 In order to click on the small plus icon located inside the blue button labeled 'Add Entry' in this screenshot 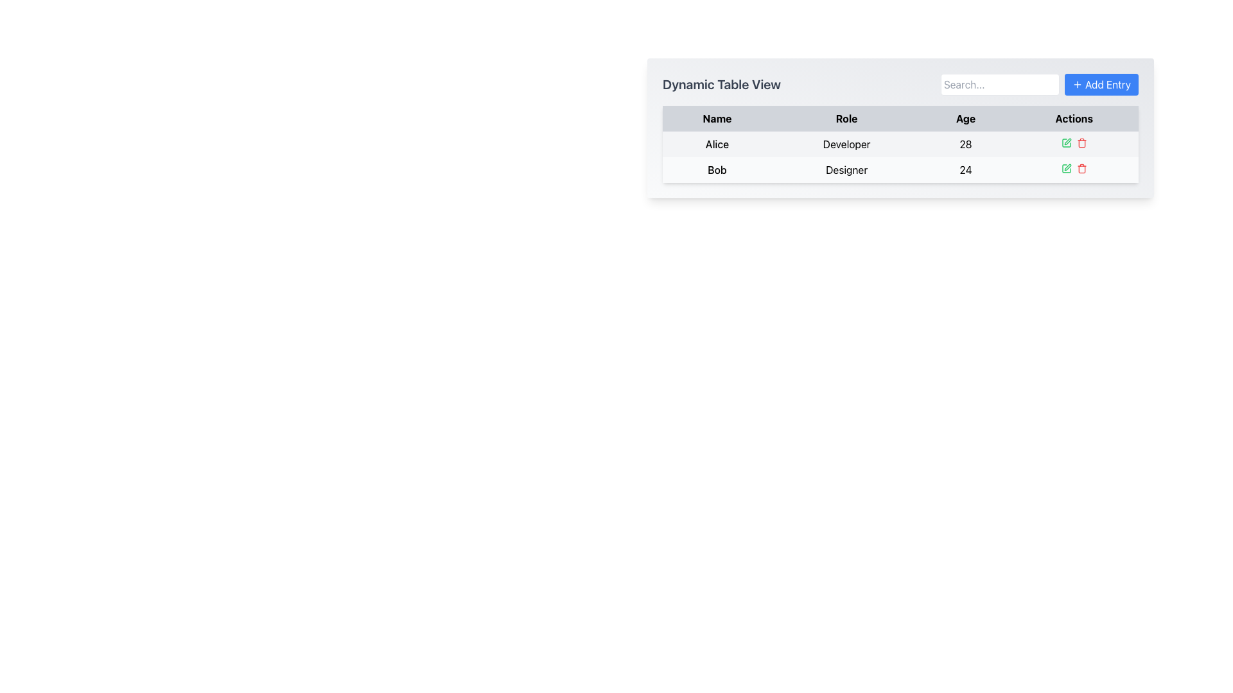, I will do `click(1077, 84)`.